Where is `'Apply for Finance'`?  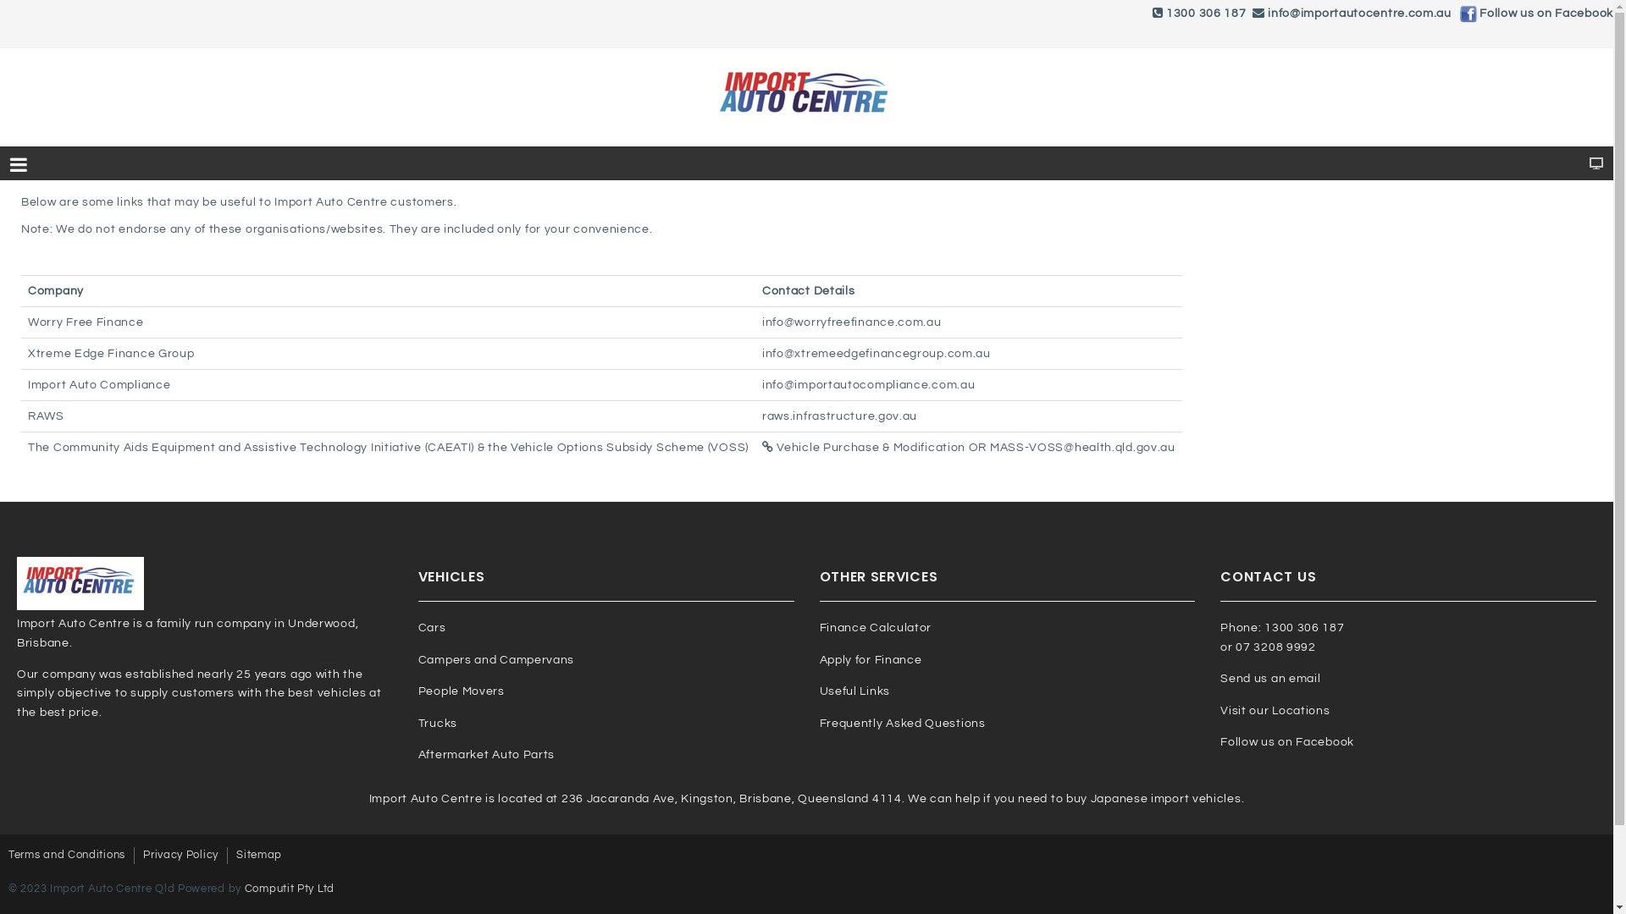
'Apply for Finance' is located at coordinates (871, 658).